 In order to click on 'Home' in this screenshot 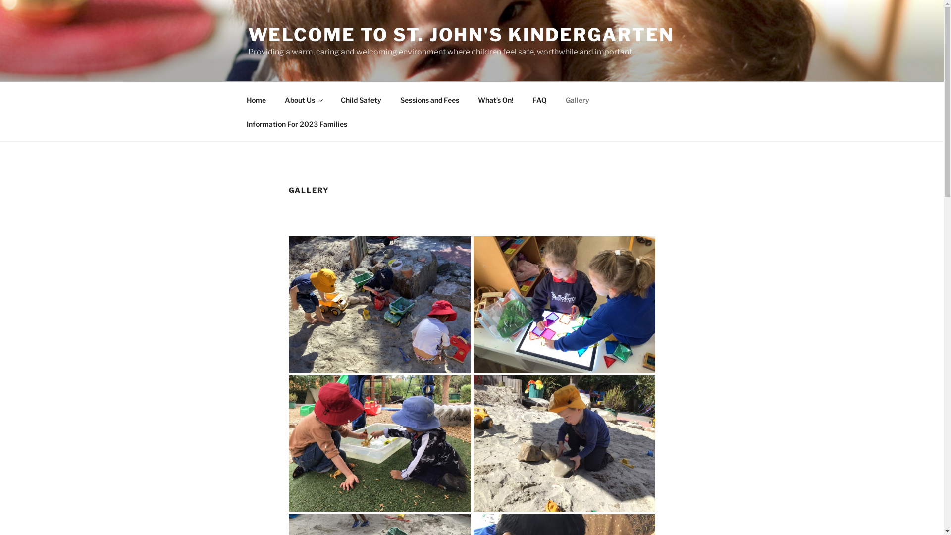, I will do `click(256, 99)`.